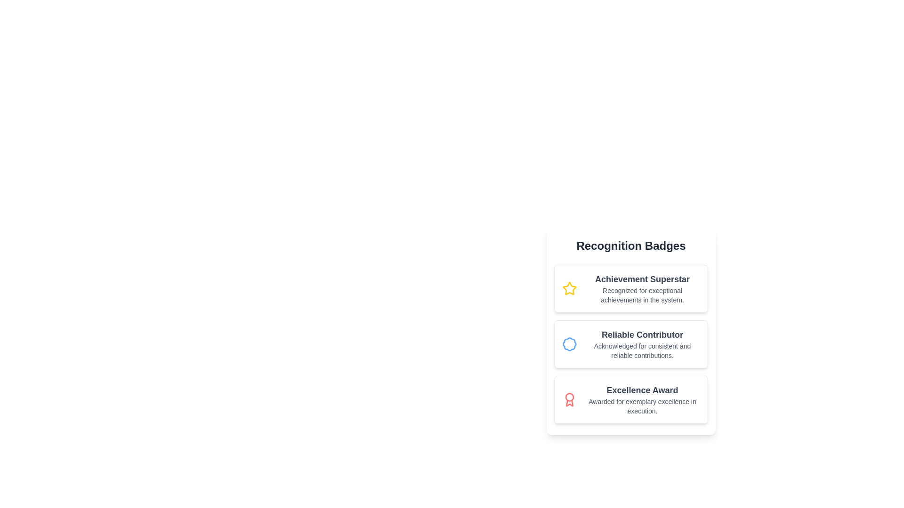 The height and width of the screenshot is (508, 904). I want to click on the 'Reliable Contributor' badge icon, which is a circular shape with a light blue outline and a transparent center, located in the middle row of the 'Recognition Badges' listing, so click(569, 344).